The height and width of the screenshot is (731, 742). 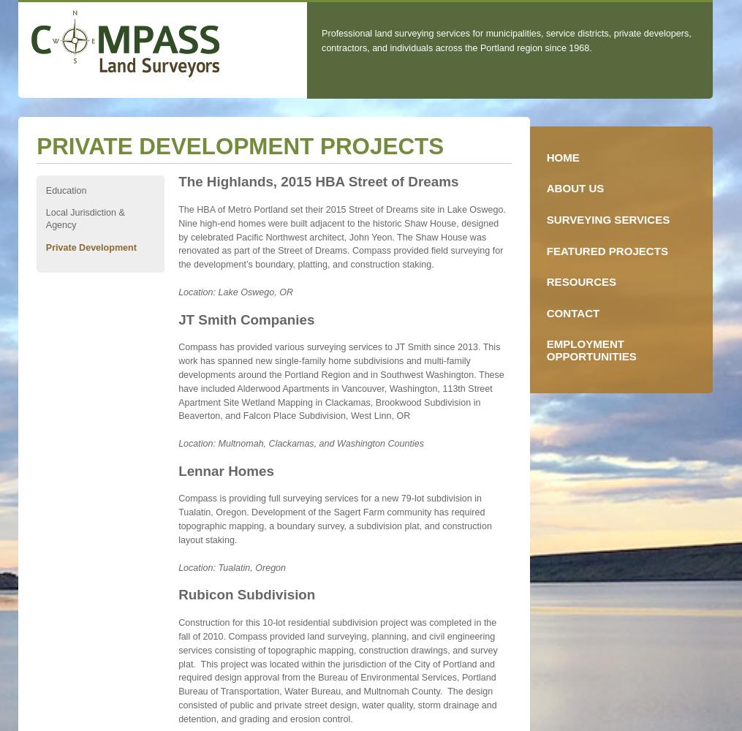 What do you see at coordinates (561, 156) in the screenshot?
I see `'Home'` at bounding box center [561, 156].